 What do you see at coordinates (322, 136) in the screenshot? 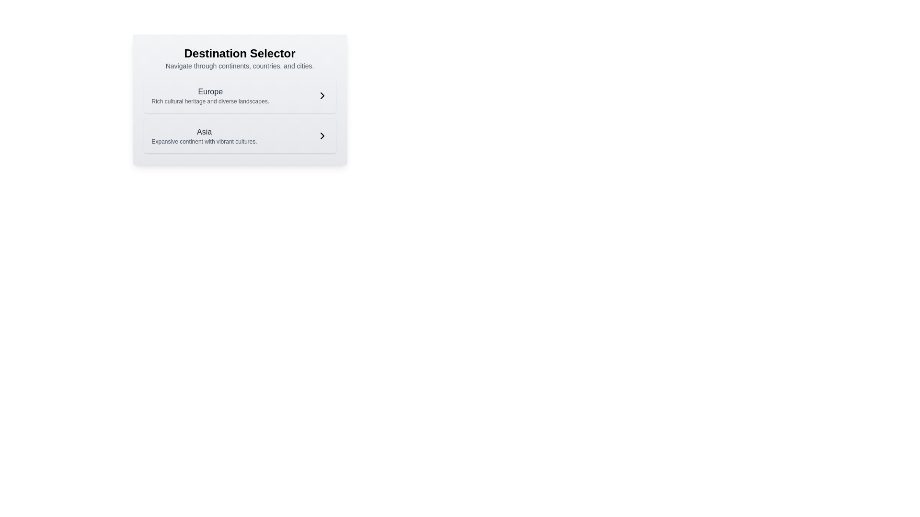
I see `the navigation arrow icon located on the right side of the Asia section to proceed to more details or options` at bounding box center [322, 136].